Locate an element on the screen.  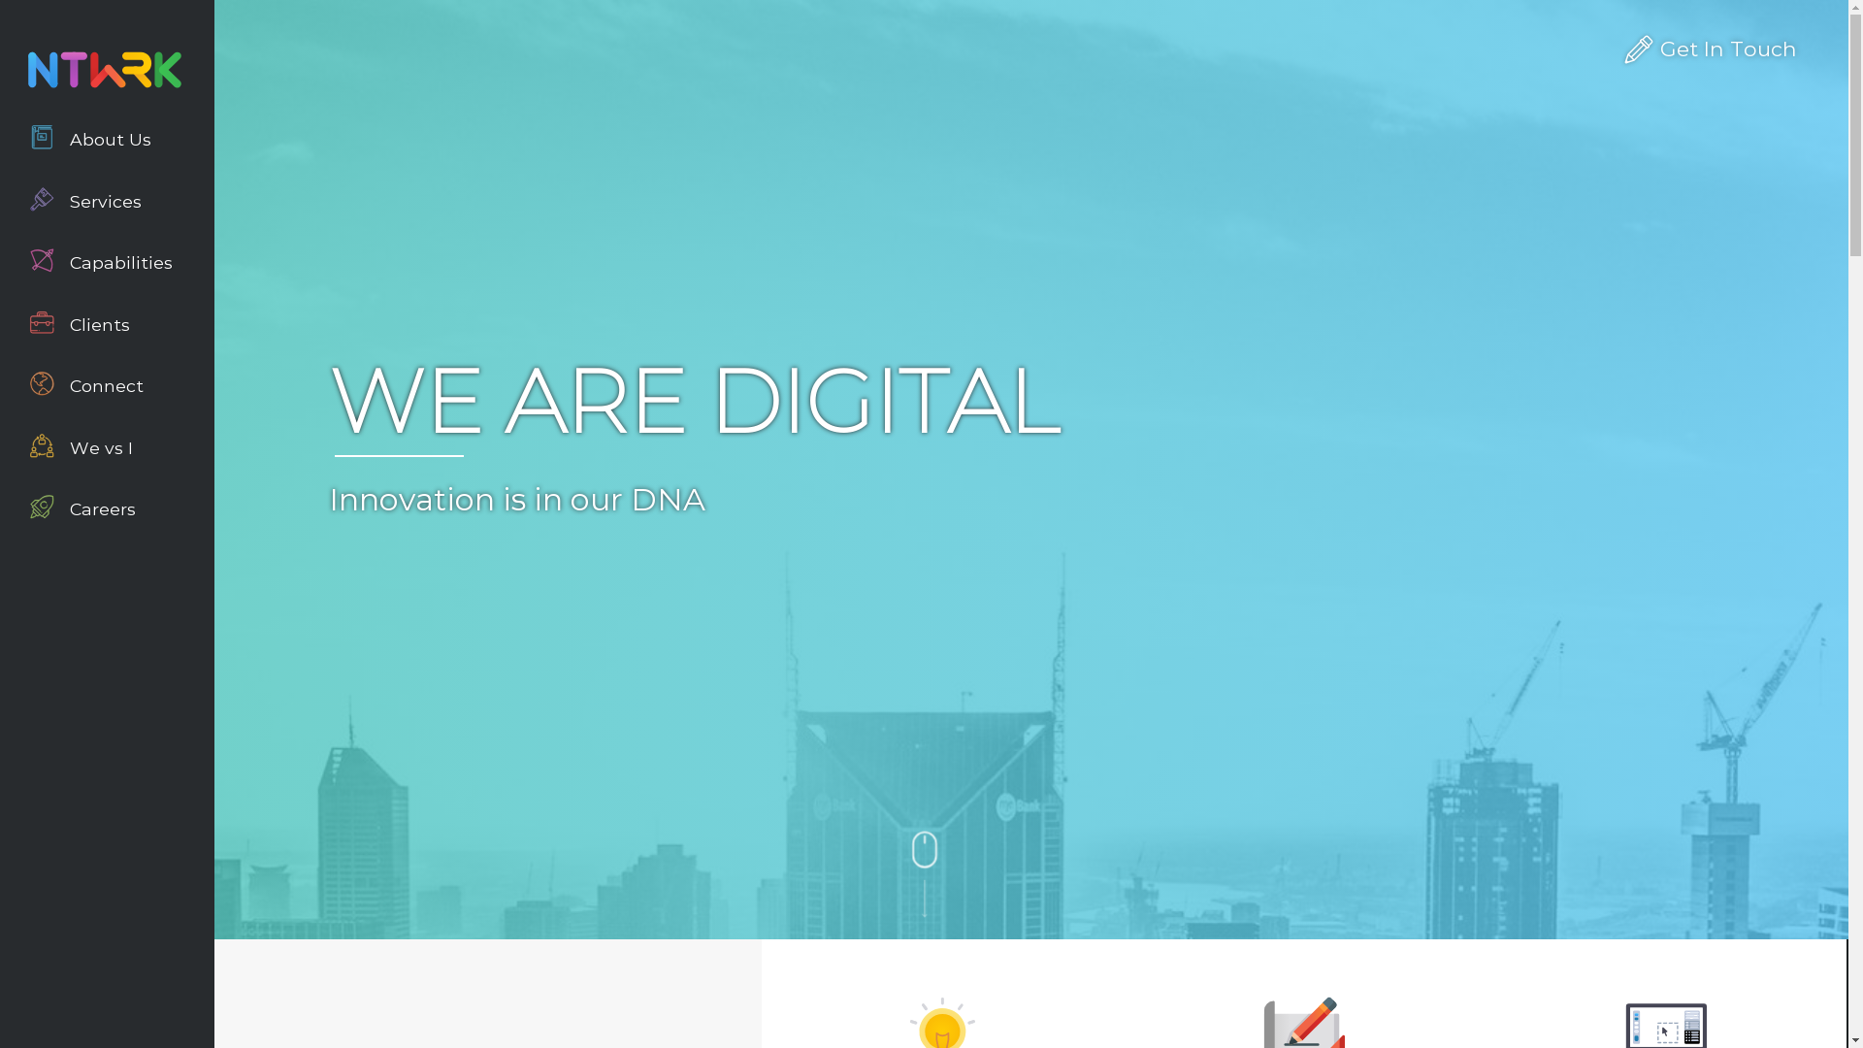
'About Us' is located at coordinates (106, 138).